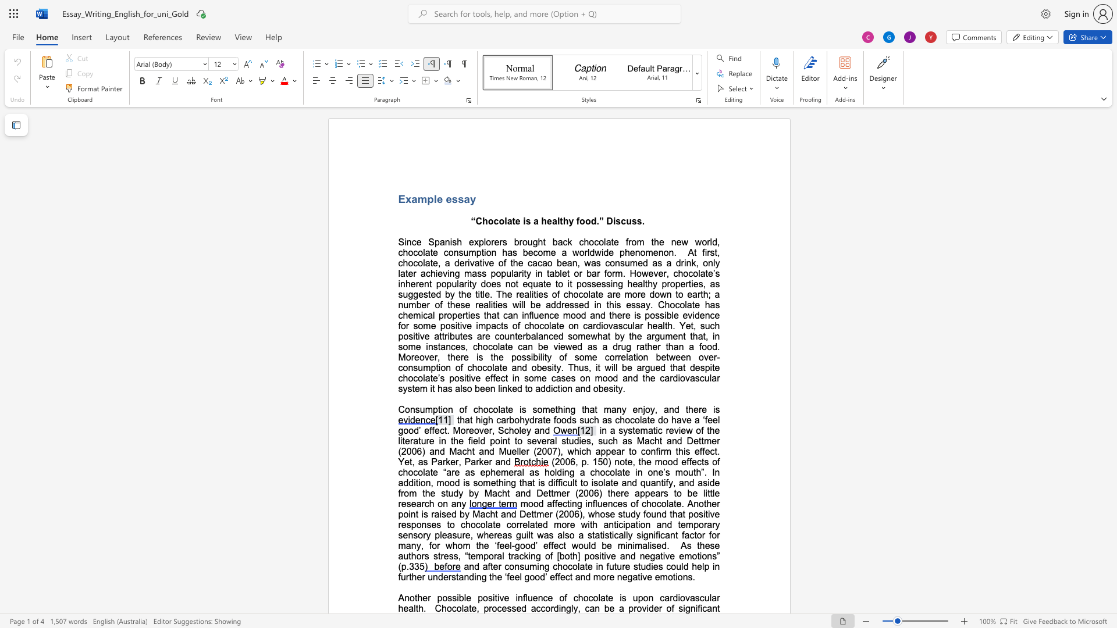 The image size is (1117, 628). What do you see at coordinates (414, 608) in the screenshot?
I see `the 5th character "l" in the text` at bounding box center [414, 608].